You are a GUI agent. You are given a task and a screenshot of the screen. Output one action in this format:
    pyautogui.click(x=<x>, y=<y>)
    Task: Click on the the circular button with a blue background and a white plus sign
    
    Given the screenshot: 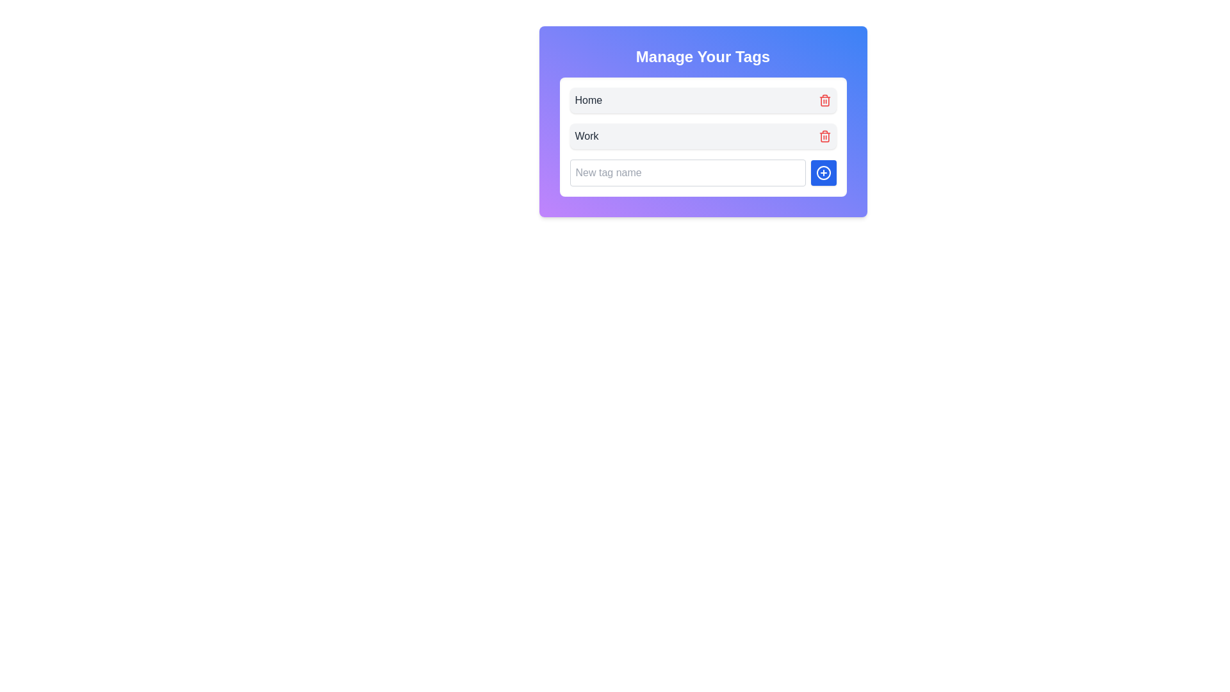 What is the action you would take?
    pyautogui.click(x=823, y=173)
    